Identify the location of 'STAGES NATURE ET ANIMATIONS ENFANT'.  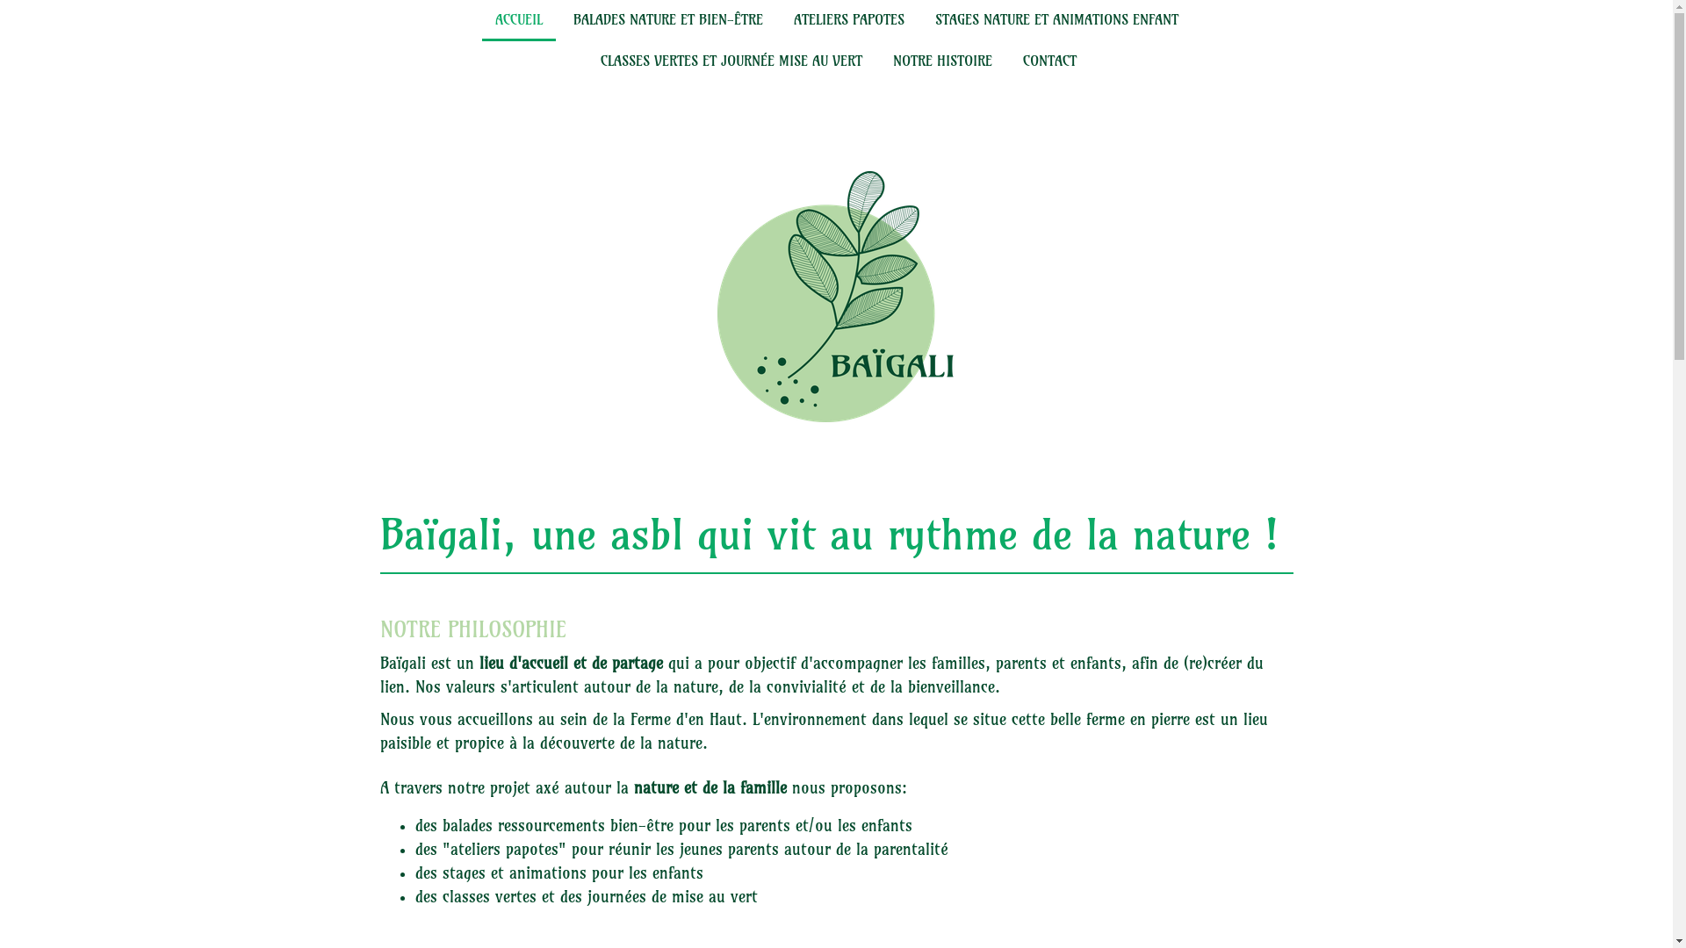
(921, 20).